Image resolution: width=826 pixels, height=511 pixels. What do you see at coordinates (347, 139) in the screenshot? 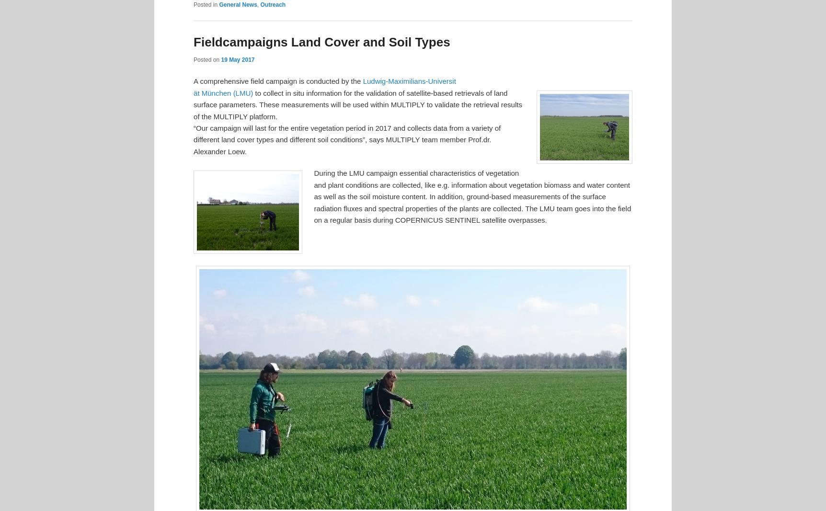
I see `'“Our campaign will last for the entire vegetation period in 2017 and collects data from a variety of different land cover types and different soil conditions”, says MULTIPLY team member Prof.dr. Alexander Loew.'` at bounding box center [347, 139].